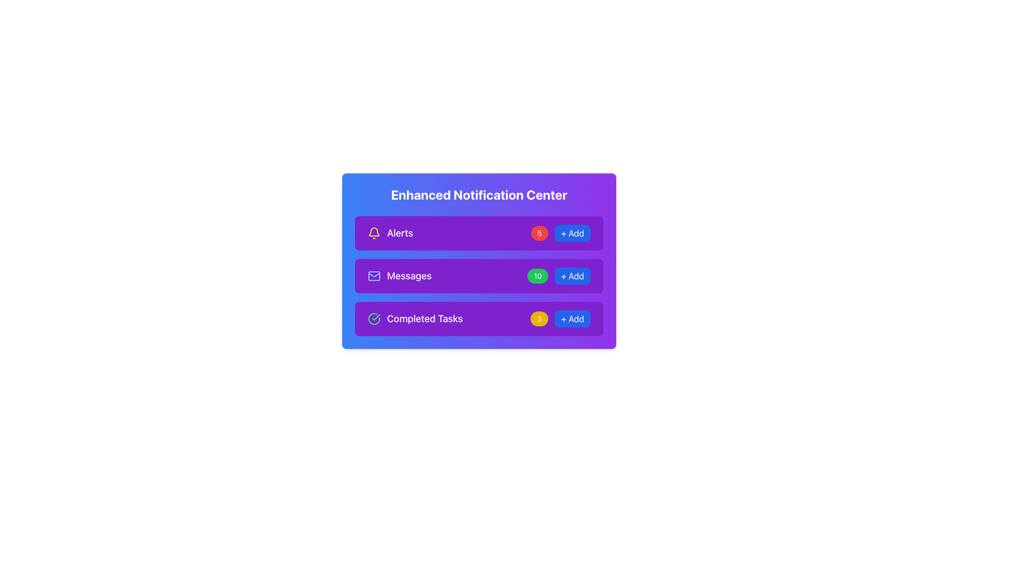  I want to click on bold header text of the notification panel, which is centered at the top of the notification card with a gradient background, so click(478, 194).